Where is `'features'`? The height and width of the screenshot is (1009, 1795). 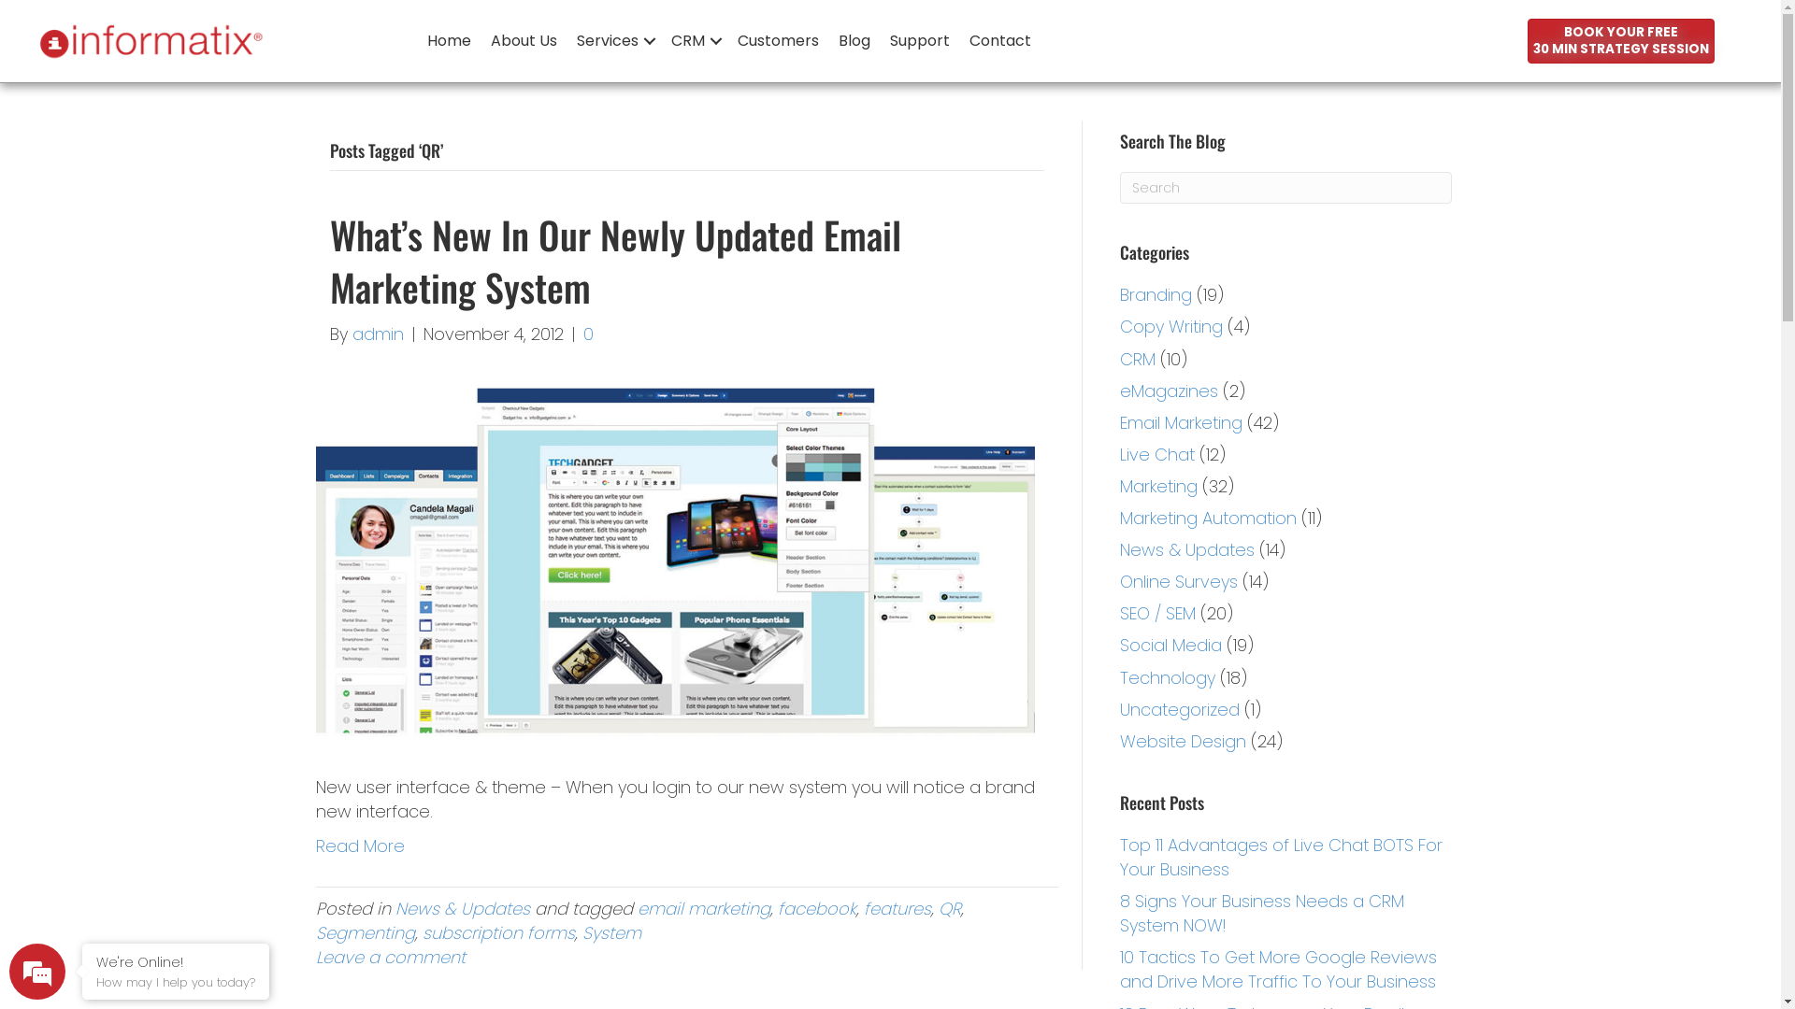
'features' is located at coordinates (897, 907).